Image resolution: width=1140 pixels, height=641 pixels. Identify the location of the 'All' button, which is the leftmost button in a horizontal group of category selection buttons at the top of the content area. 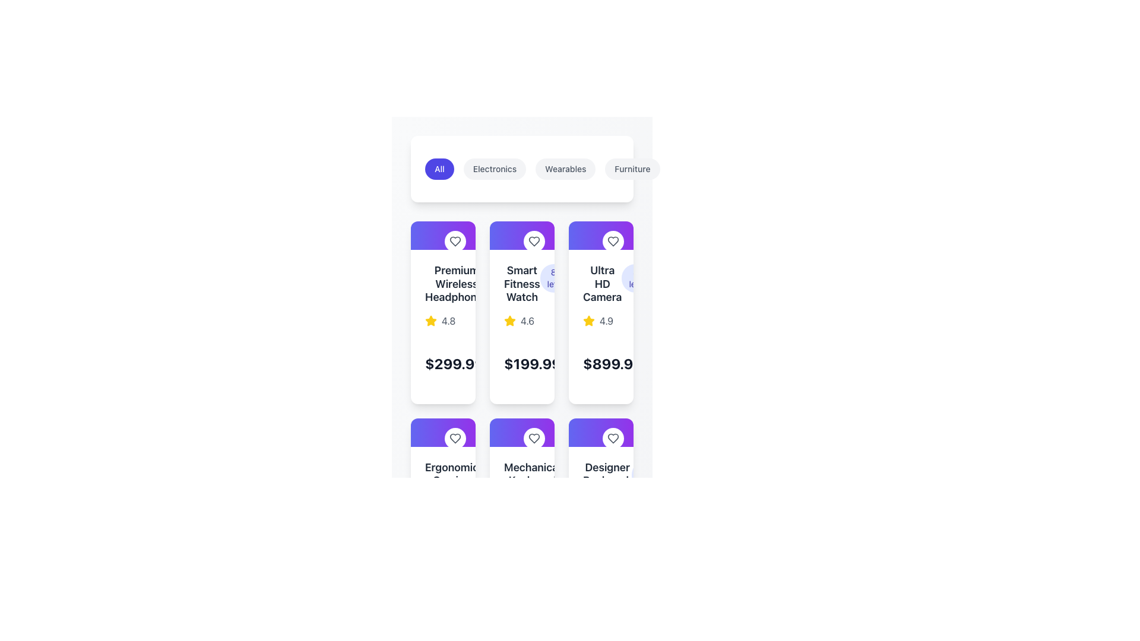
(439, 169).